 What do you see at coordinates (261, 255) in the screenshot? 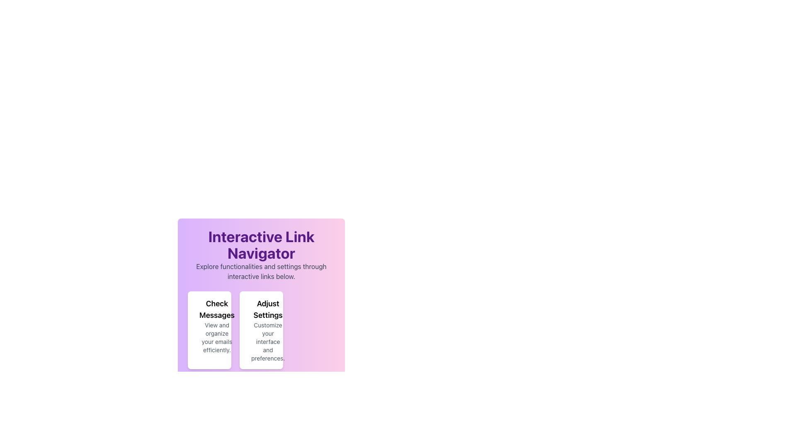
I see `the informational header text block located at the top-center of the card with a gradient background` at bounding box center [261, 255].